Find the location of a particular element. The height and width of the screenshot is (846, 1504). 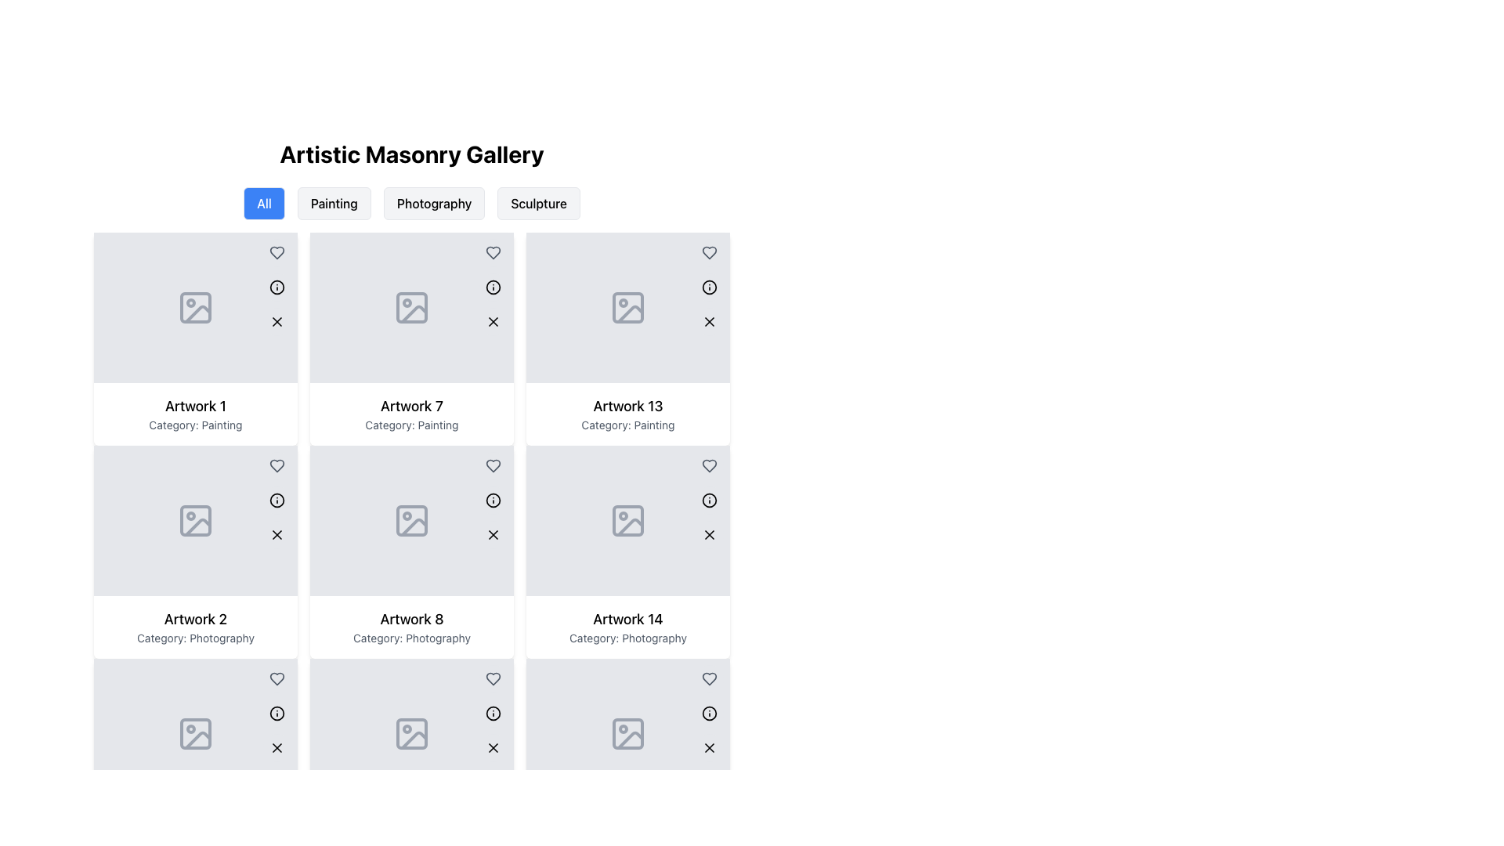

the circular button with a light gray background and an 'info' icon located in the bottom-right section of the 'Artwork 2' card is located at coordinates (277, 713).